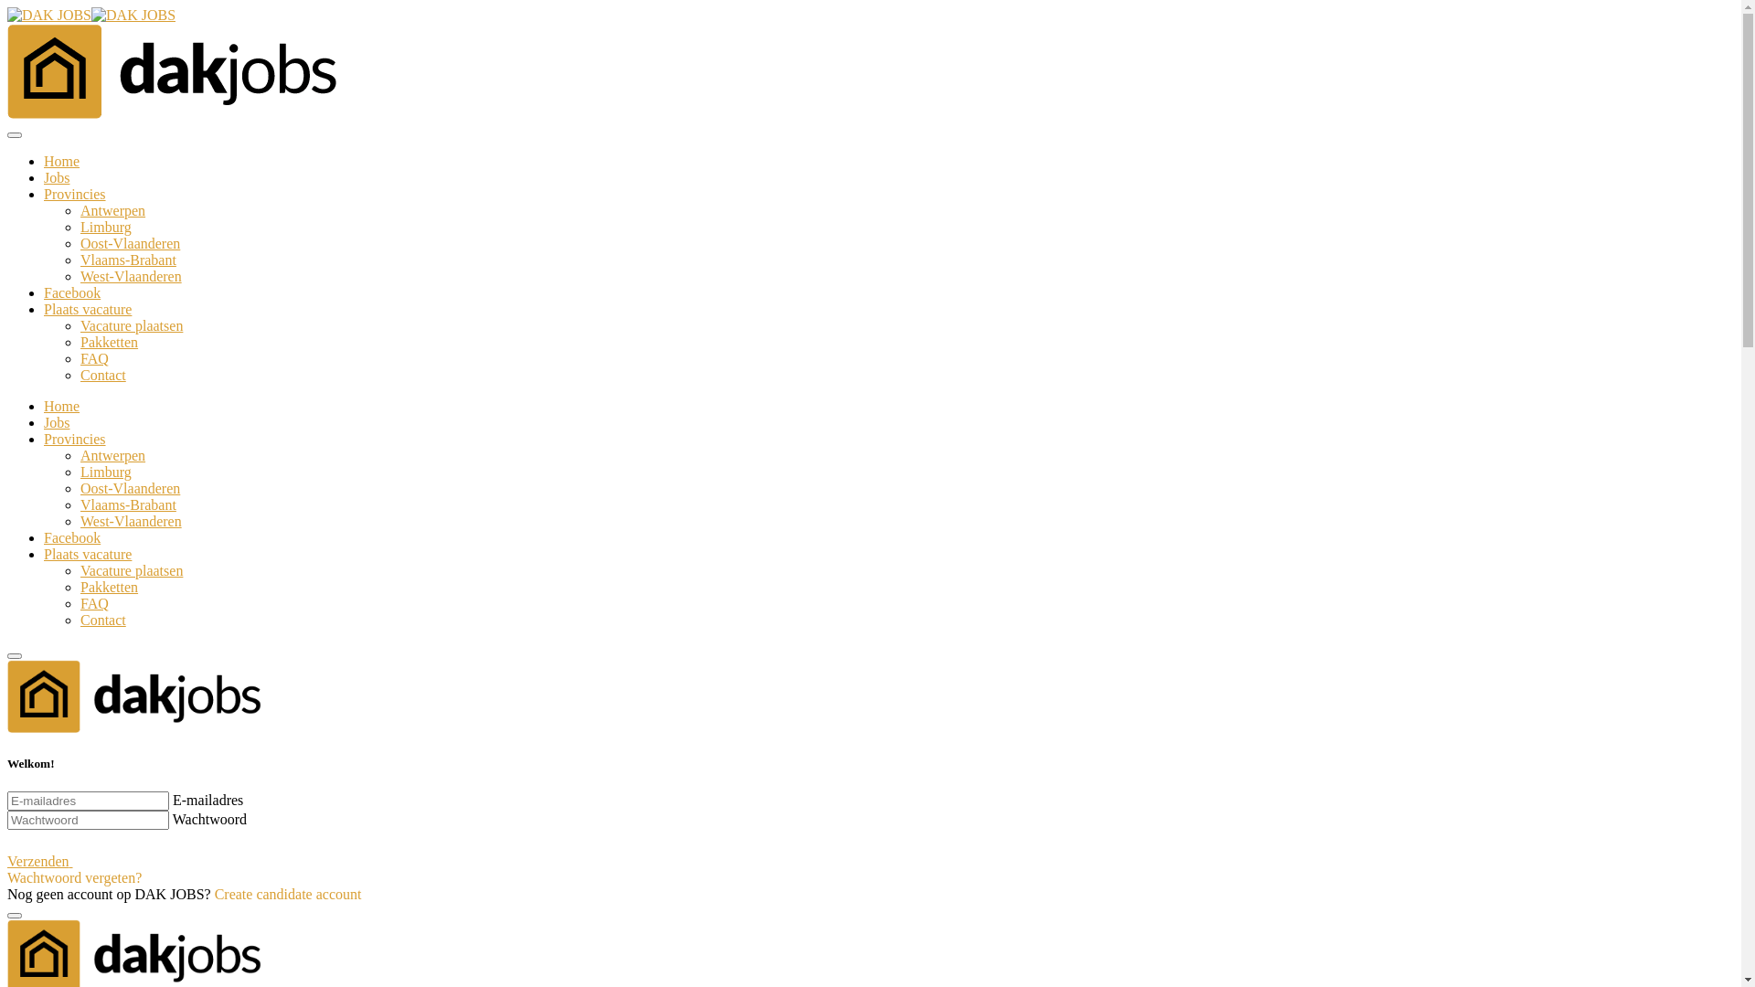  I want to click on 'FAQ', so click(93, 358).